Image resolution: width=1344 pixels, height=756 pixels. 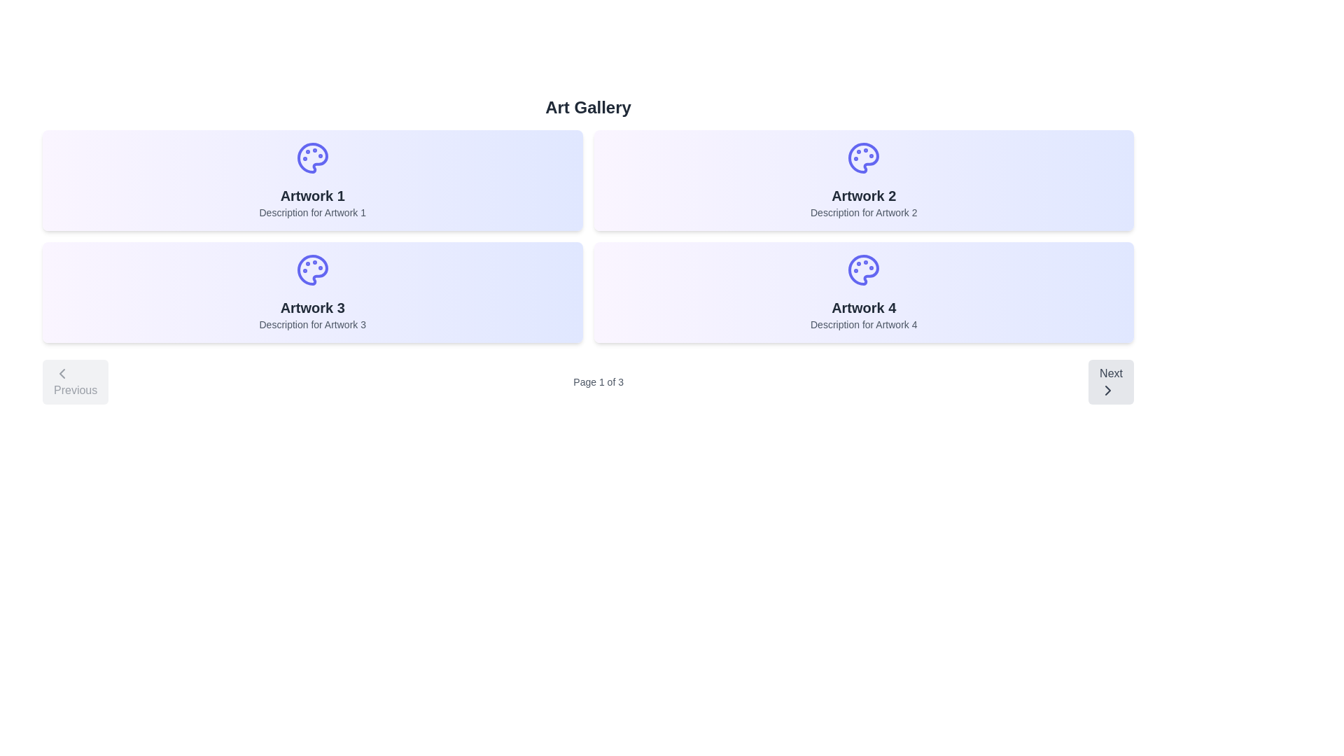 I want to click on the 'Artwork 3' text label, so click(x=311, y=307).